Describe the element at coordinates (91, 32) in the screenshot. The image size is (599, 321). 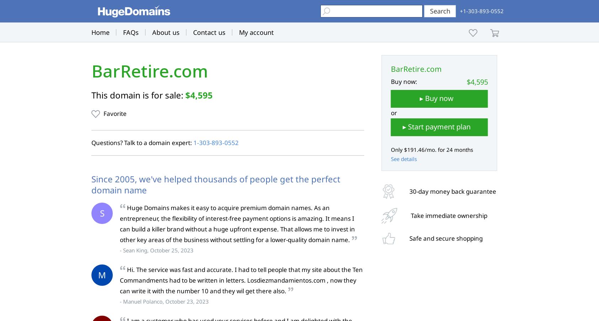
I see `'Home'` at that location.